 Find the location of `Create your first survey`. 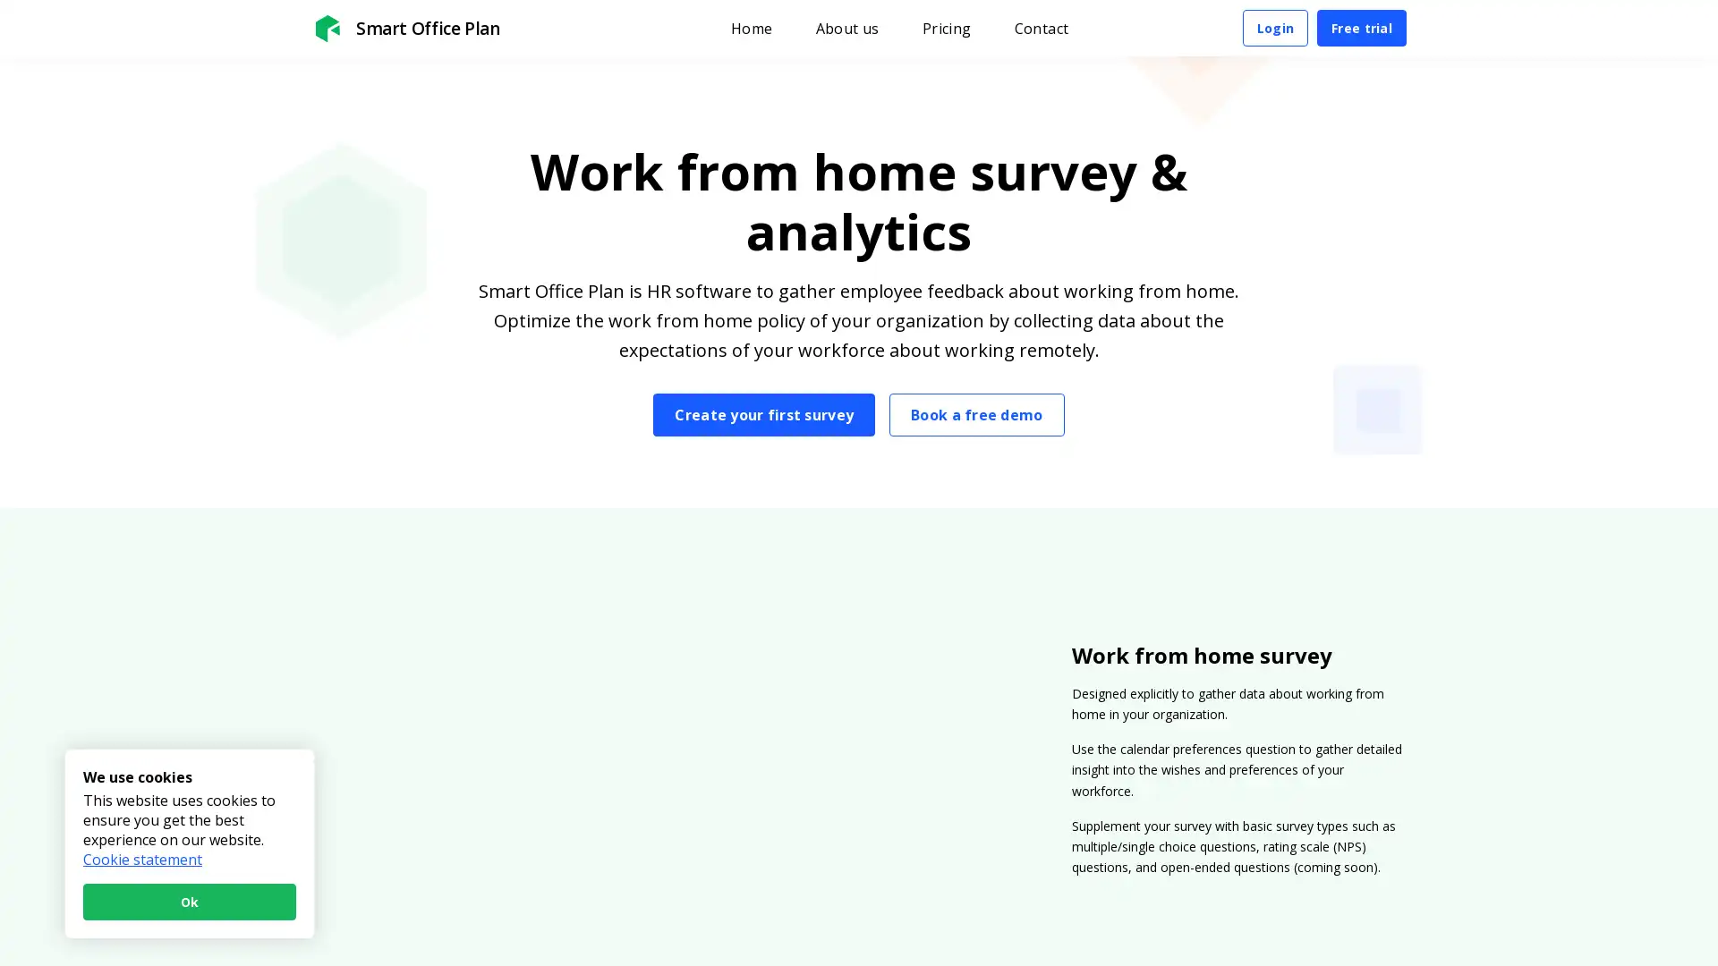

Create your first survey is located at coordinates (764, 414).